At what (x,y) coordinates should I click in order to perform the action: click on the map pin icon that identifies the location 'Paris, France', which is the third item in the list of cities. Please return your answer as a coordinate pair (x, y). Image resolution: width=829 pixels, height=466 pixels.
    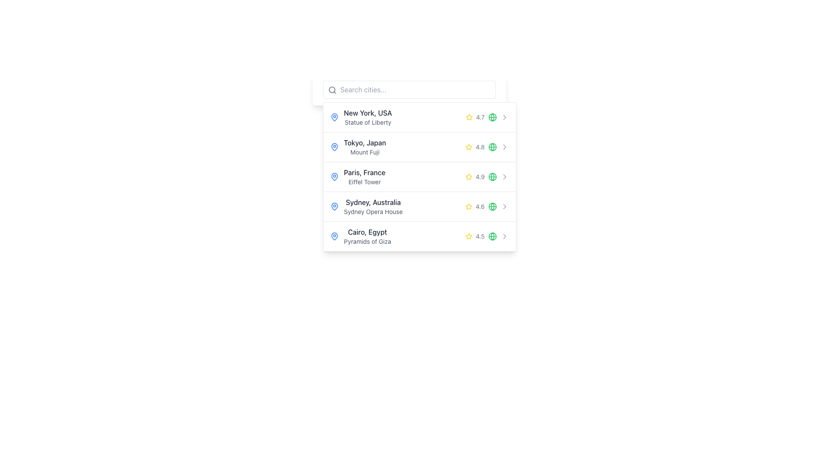
    Looking at the image, I should click on (334, 176).